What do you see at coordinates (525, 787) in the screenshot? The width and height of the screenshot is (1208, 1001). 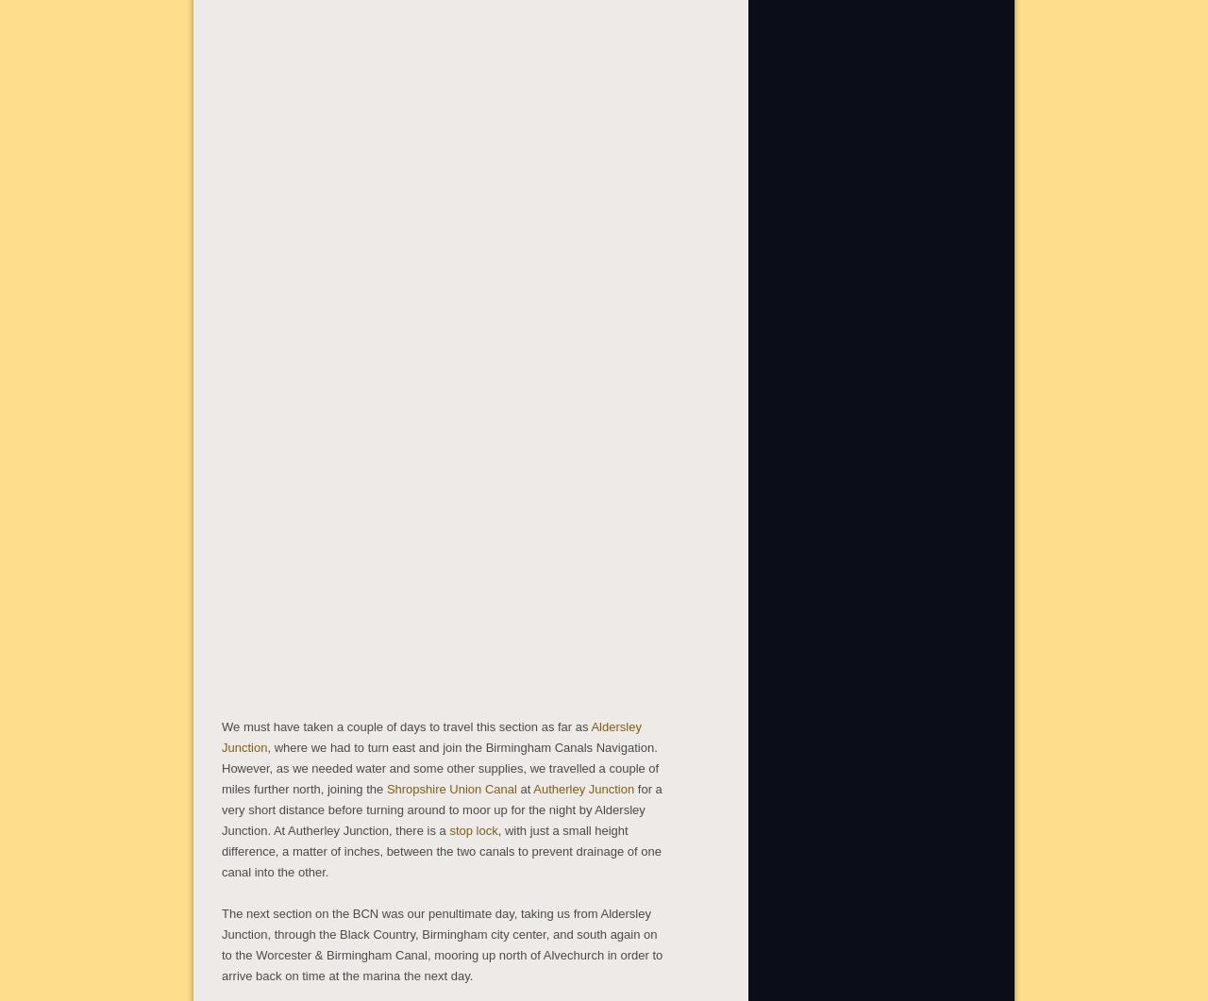 I see `'at'` at bounding box center [525, 787].